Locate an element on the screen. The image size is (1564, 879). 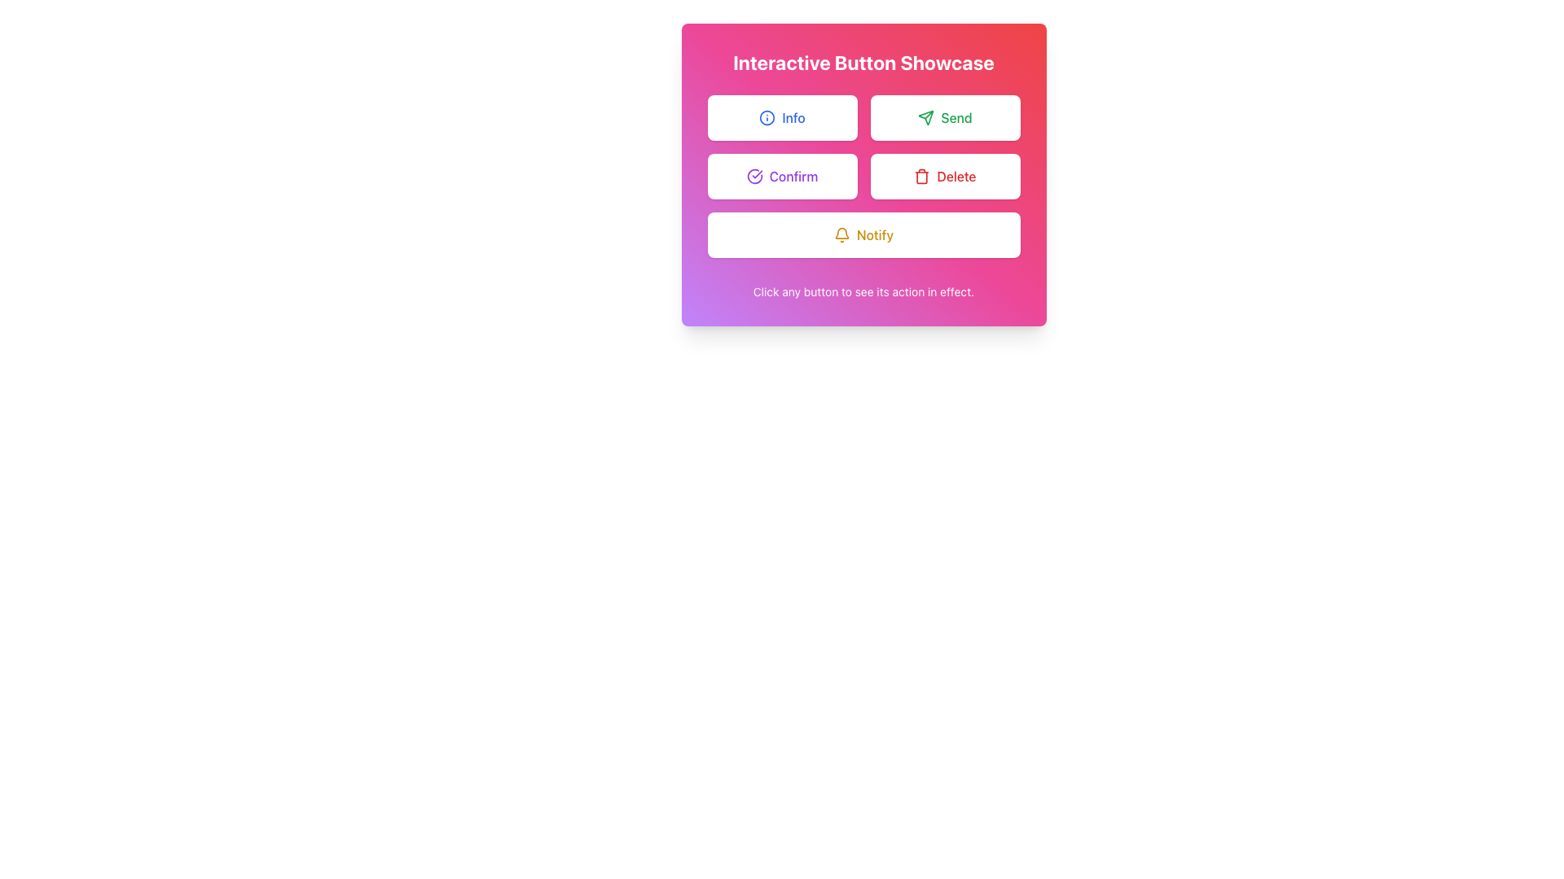
the rectangular 'Info' button with a white background and blue highlighted text is located at coordinates (782, 117).